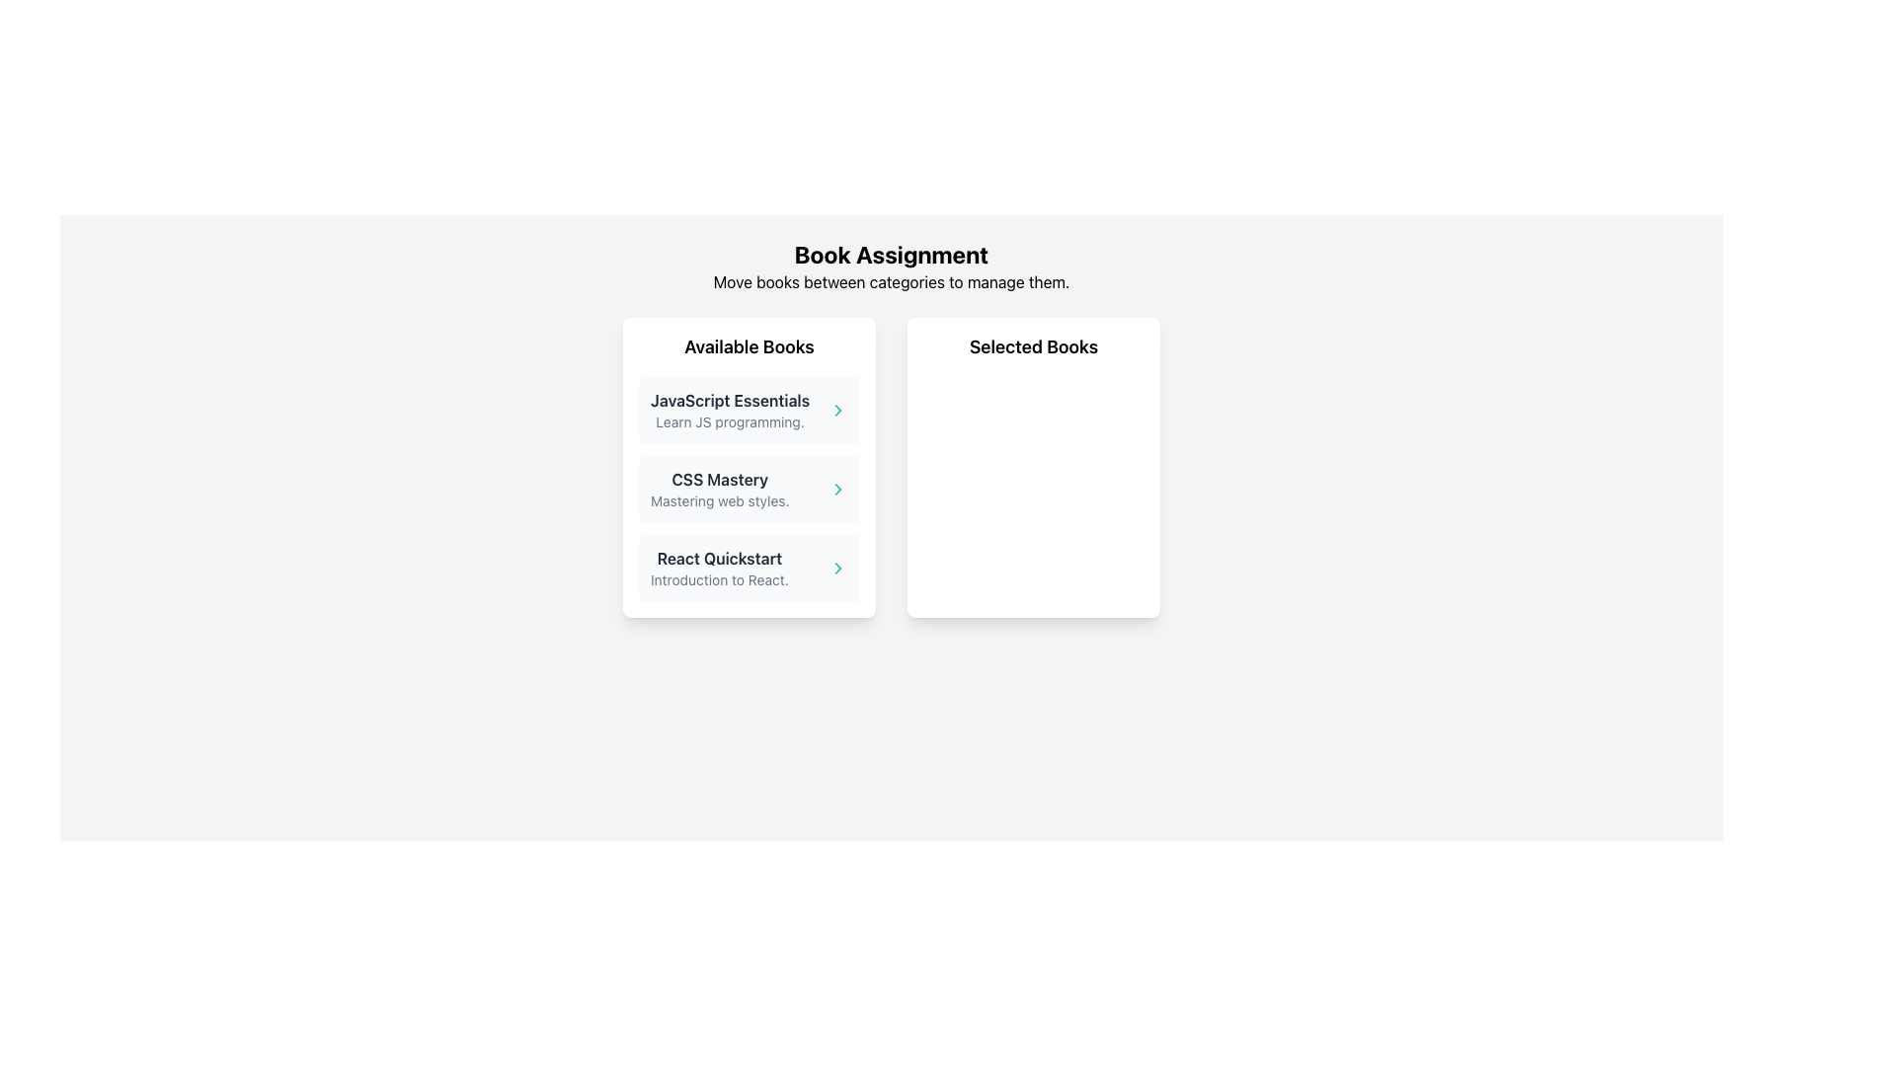 This screenshot has width=1896, height=1066. I want to click on the informative text label for the book 'React Quickstart', which is positioned as the subtitle underneath the title in the 'Available Books' list, so click(718, 578).